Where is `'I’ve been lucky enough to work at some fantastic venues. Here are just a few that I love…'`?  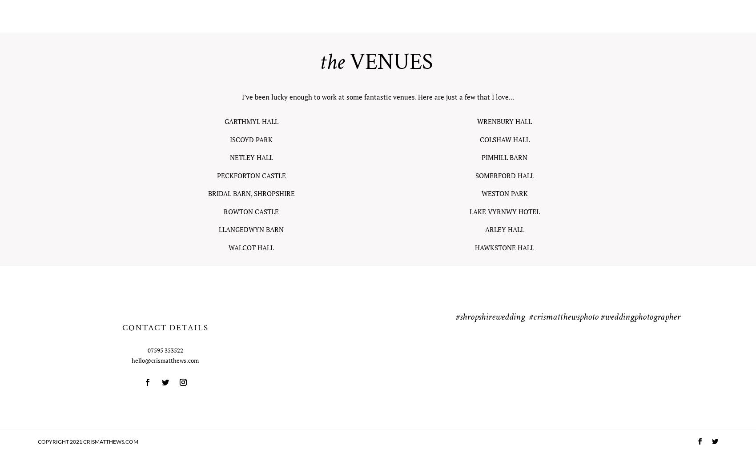
'I’ve been lucky enough to work at some fantastic venues. Here are just a few that I love…' is located at coordinates (241, 96).